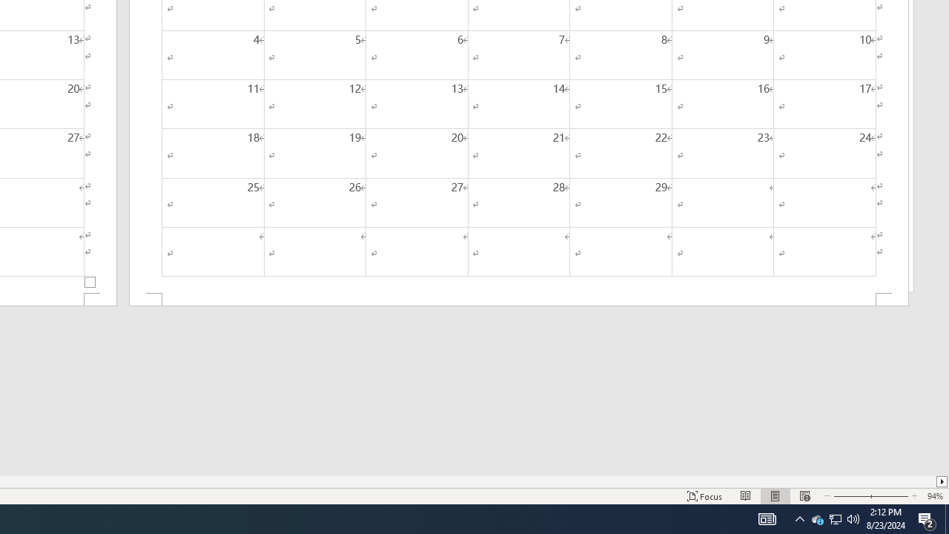 The image size is (949, 534). Describe the element at coordinates (519, 300) in the screenshot. I see `'Footer -Section 2-'` at that location.